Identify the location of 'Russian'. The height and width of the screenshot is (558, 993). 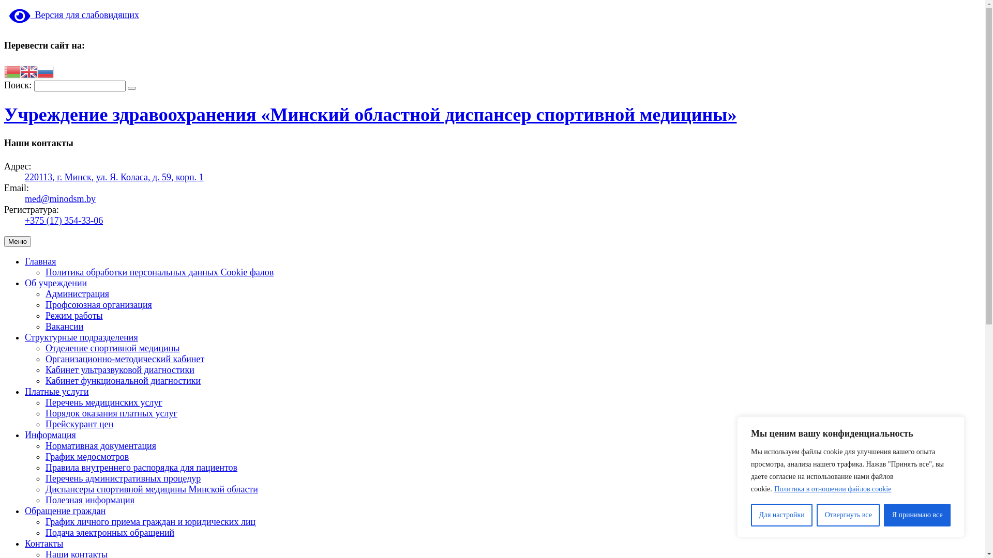
(37, 70).